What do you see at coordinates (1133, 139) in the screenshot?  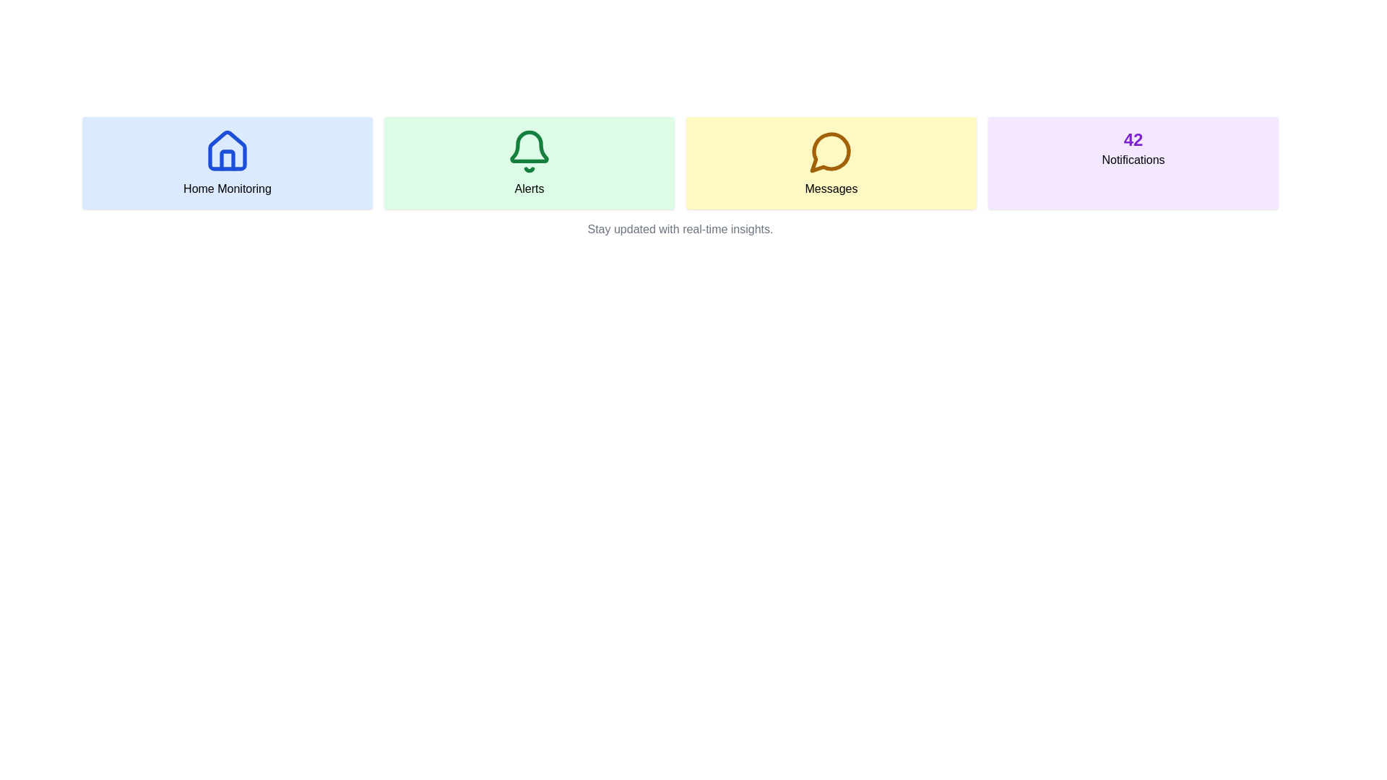 I see `the static text displaying the count of notifications at the top center of the light purple 'Notifications' box` at bounding box center [1133, 139].